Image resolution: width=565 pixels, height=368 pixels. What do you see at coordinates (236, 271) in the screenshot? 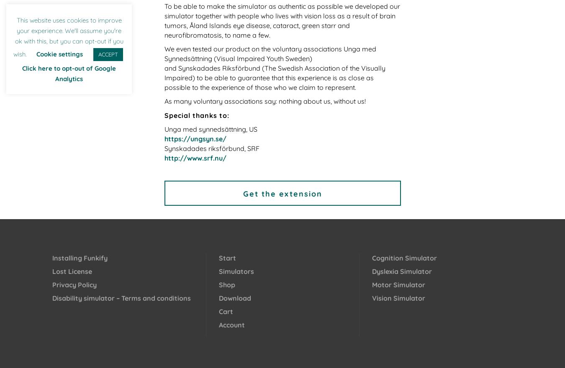
I see `'Simulators'` at bounding box center [236, 271].